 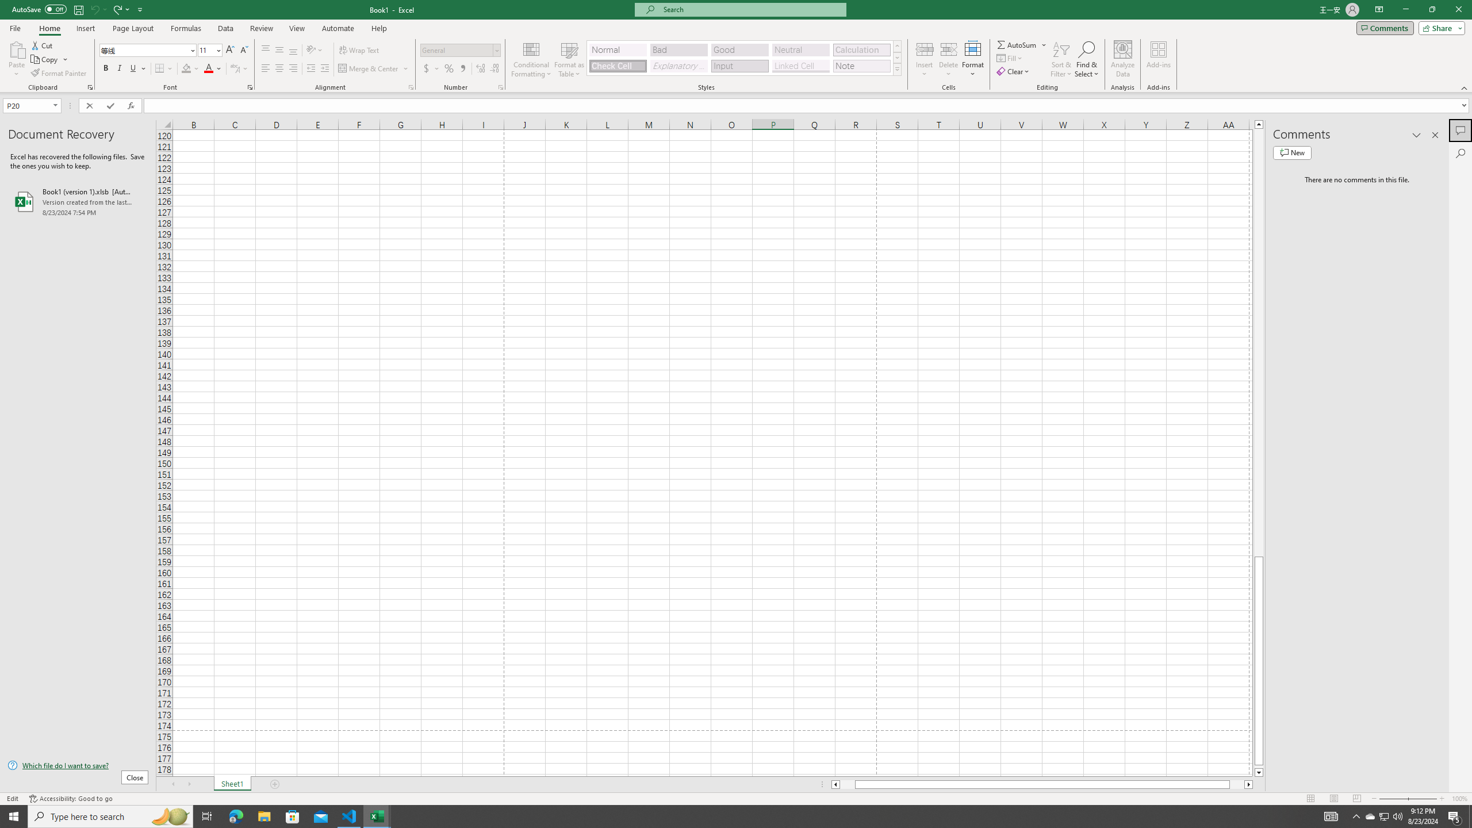 I want to click on 'AutomationID: CellStylesGallery', so click(x=745, y=57).